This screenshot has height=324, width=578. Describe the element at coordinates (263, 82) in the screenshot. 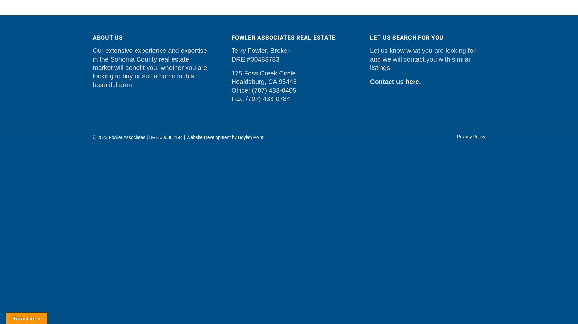

I see `'Healdsburg, CA 95448'` at that location.